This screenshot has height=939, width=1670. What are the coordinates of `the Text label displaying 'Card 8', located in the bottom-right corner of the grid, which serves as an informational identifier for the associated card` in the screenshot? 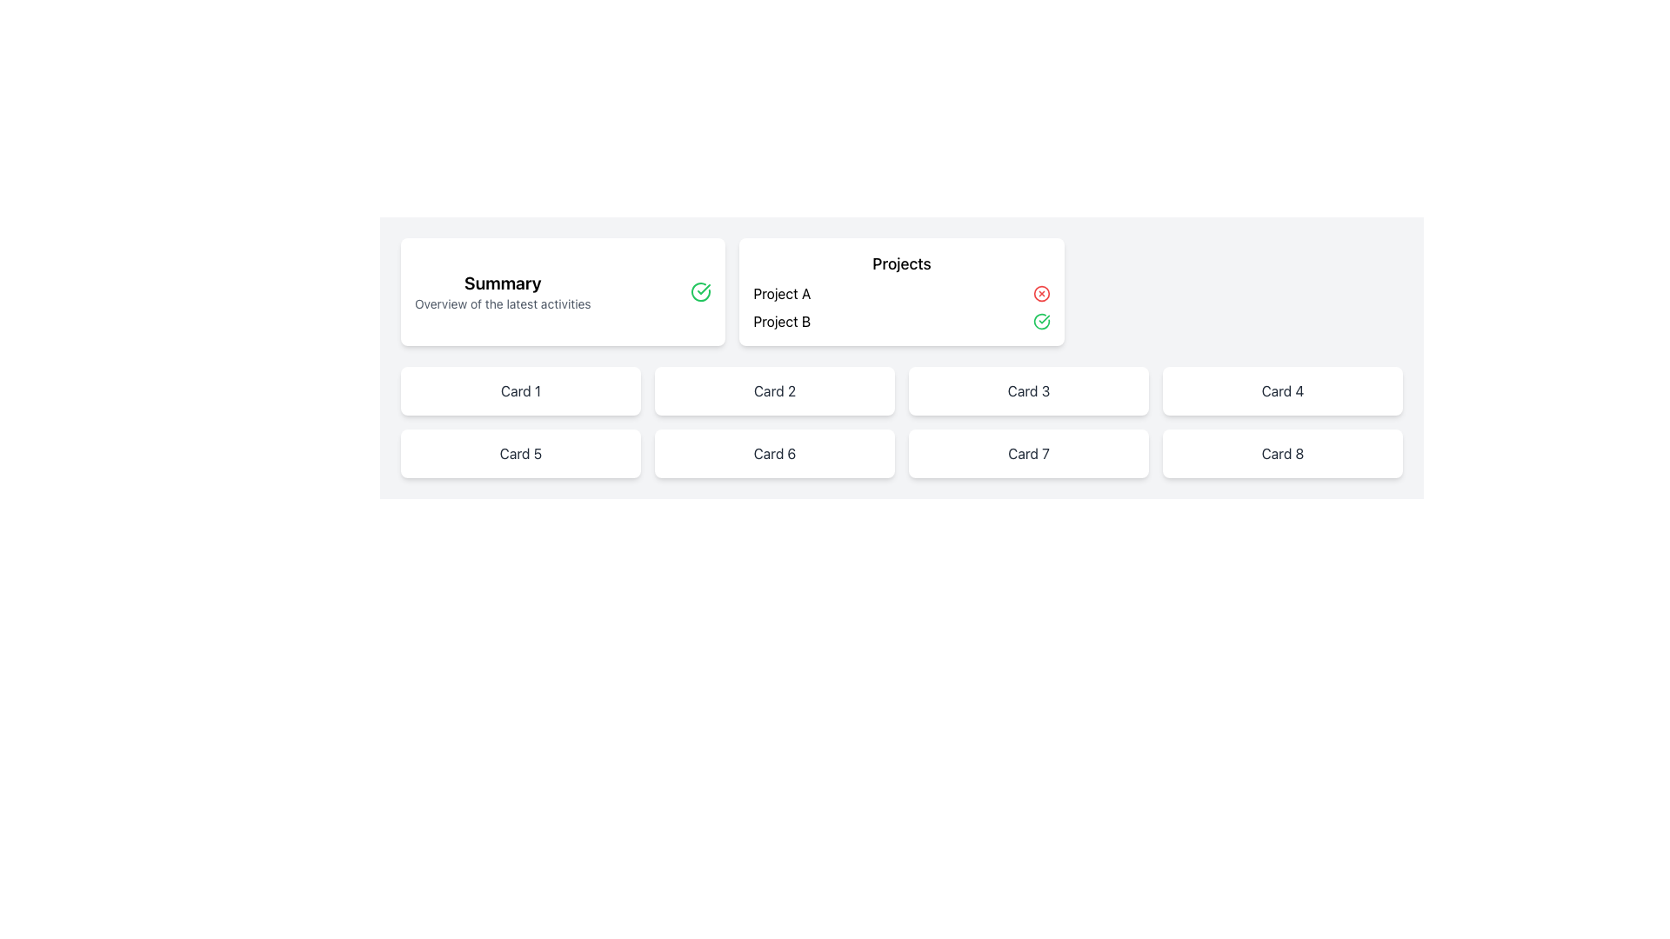 It's located at (1282, 452).